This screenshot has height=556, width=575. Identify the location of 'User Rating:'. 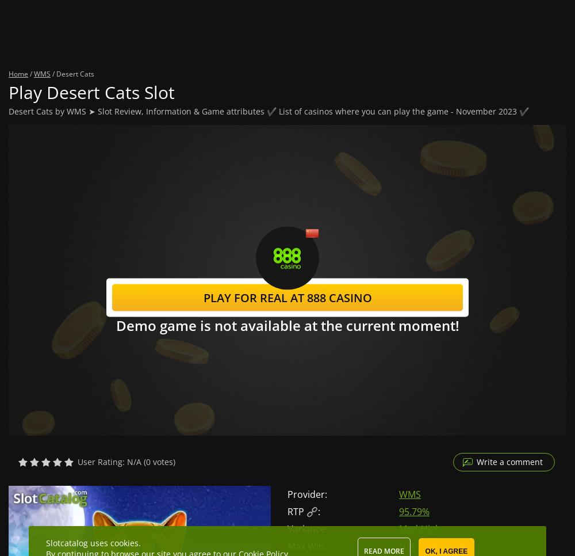
(102, 462).